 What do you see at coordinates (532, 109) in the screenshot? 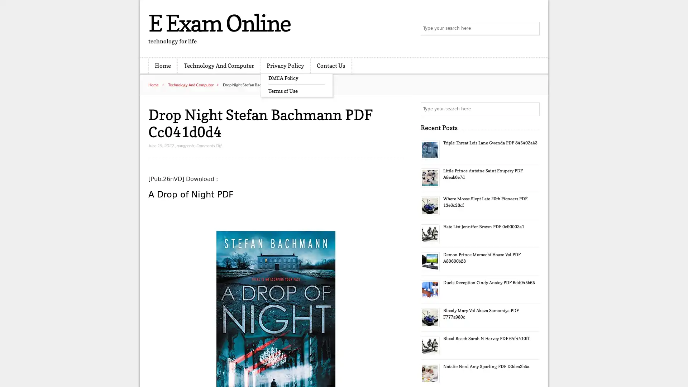
I see `Search` at bounding box center [532, 109].